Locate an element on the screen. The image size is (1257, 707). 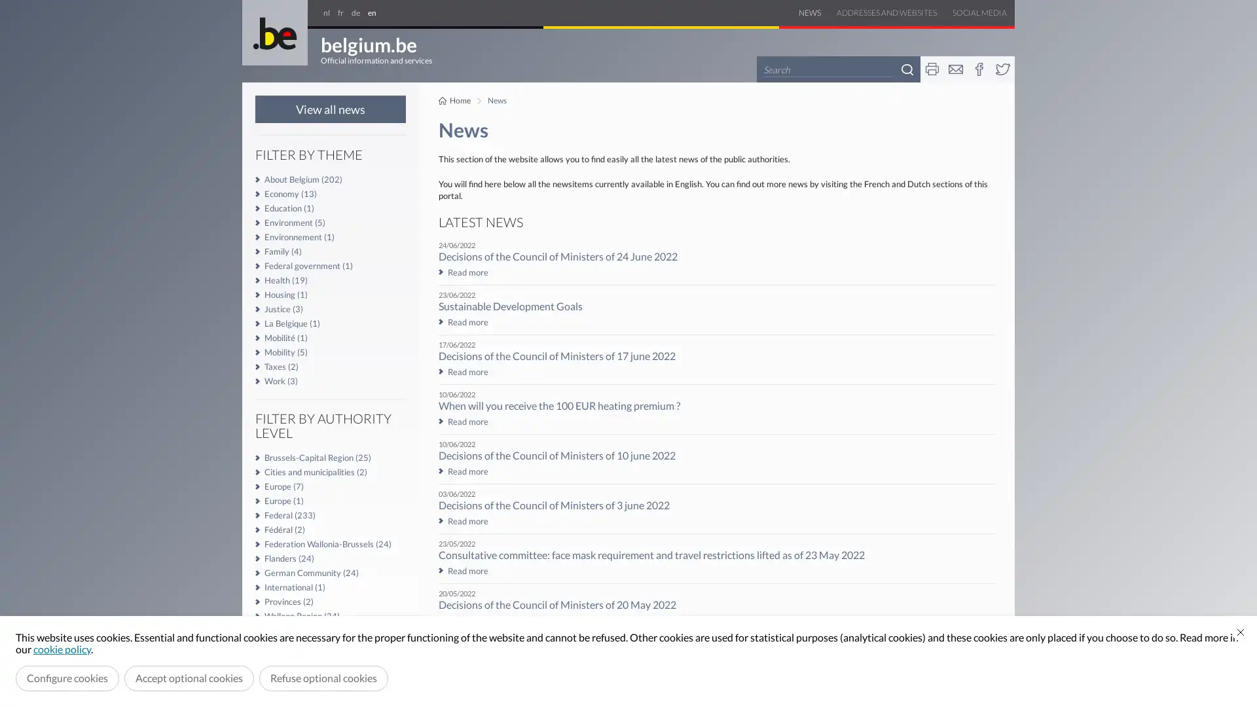
Accept optional cookies is located at coordinates (188, 678).